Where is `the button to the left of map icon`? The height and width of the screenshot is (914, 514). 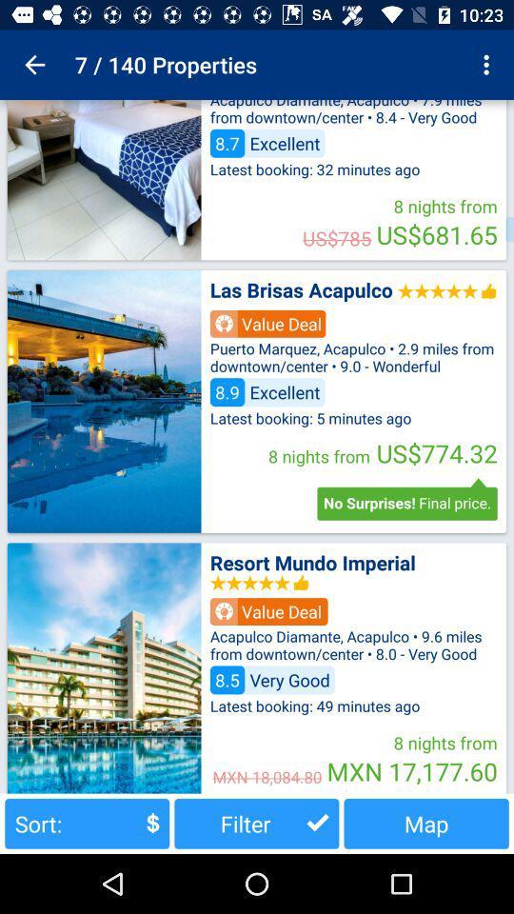
the button to the left of map icon is located at coordinates (256, 823).